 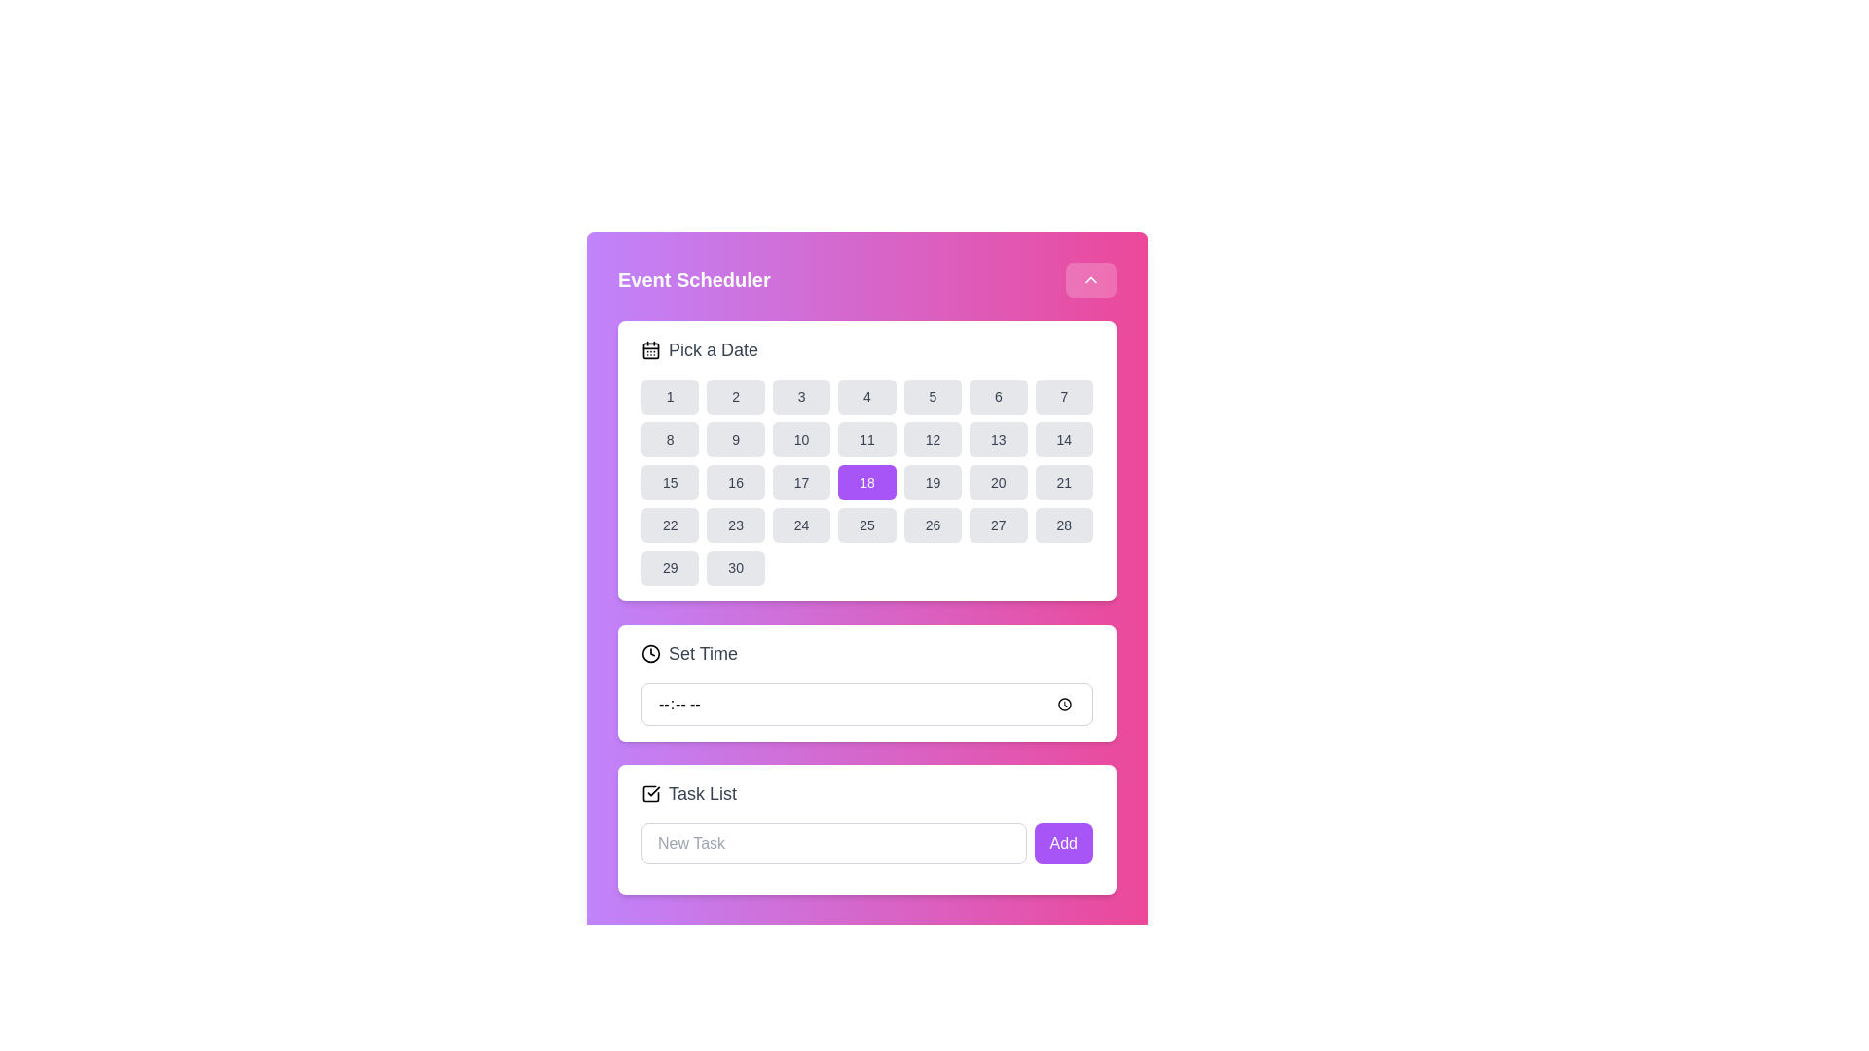 What do you see at coordinates (932, 396) in the screenshot?
I see `the button labeled '5' in the 'Pick a Date' section` at bounding box center [932, 396].